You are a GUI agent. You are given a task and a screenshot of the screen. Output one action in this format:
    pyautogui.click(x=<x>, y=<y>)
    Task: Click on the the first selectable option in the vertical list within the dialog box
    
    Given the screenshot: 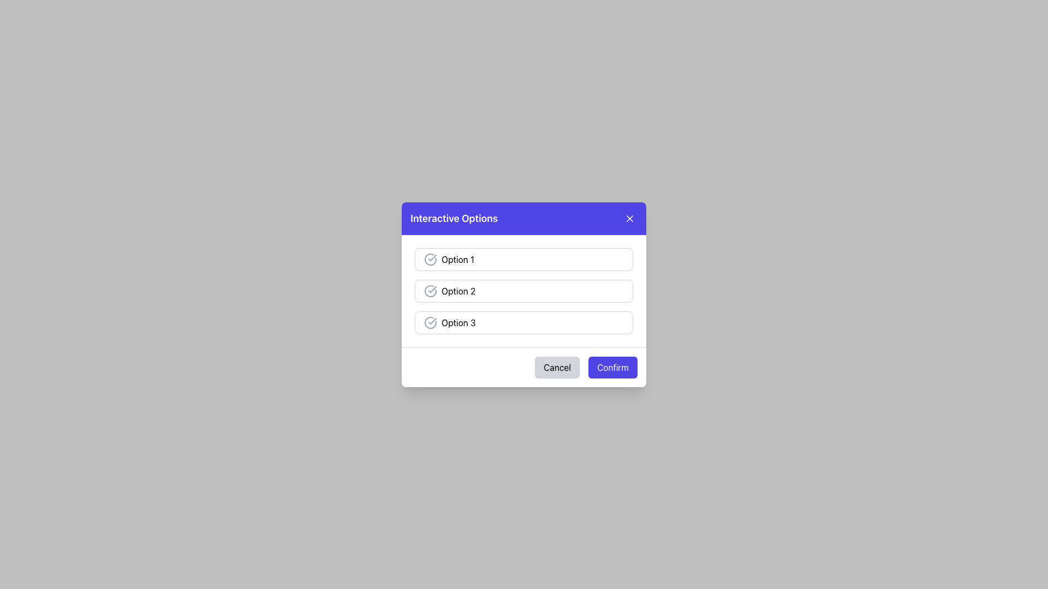 What is the action you would take?
    pyautogui.click(x=524, y=259)
    